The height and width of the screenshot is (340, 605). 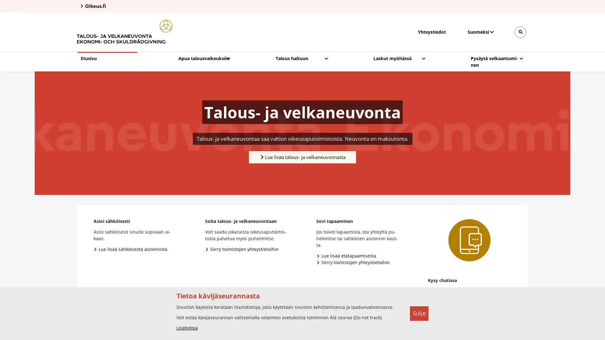 What do you see at coordinates (521, 58) in the screenshot?
I see `Avaa pudotusvalikko` at bounding box center [521, 58].